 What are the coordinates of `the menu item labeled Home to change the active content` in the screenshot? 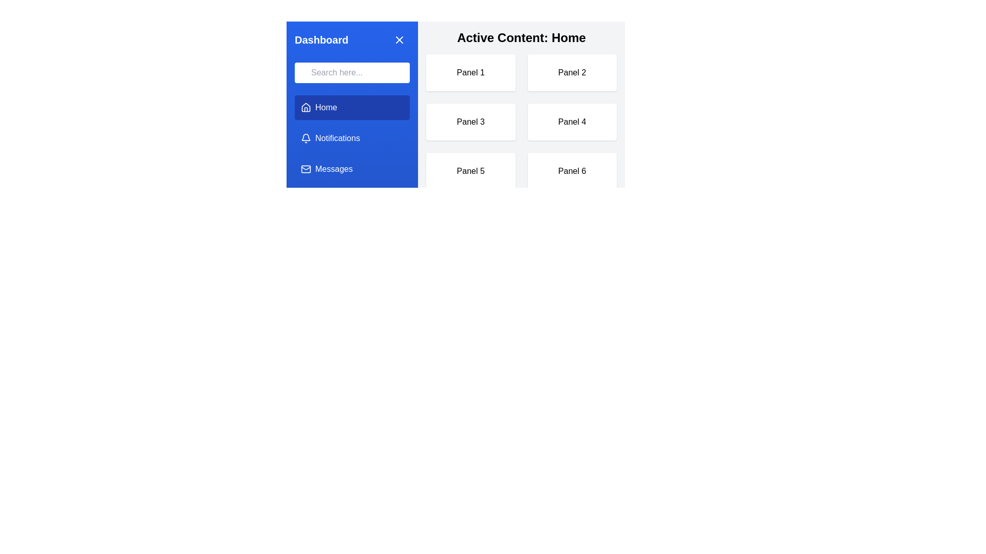 It's located at (352, 107).